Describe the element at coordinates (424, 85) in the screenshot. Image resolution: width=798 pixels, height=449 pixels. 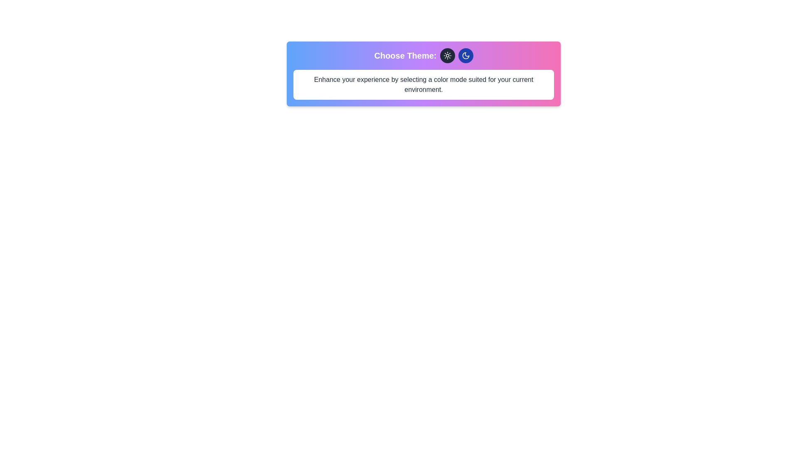
I see `the descriptive text element that provides guidance on selecting a color mode` at that location.